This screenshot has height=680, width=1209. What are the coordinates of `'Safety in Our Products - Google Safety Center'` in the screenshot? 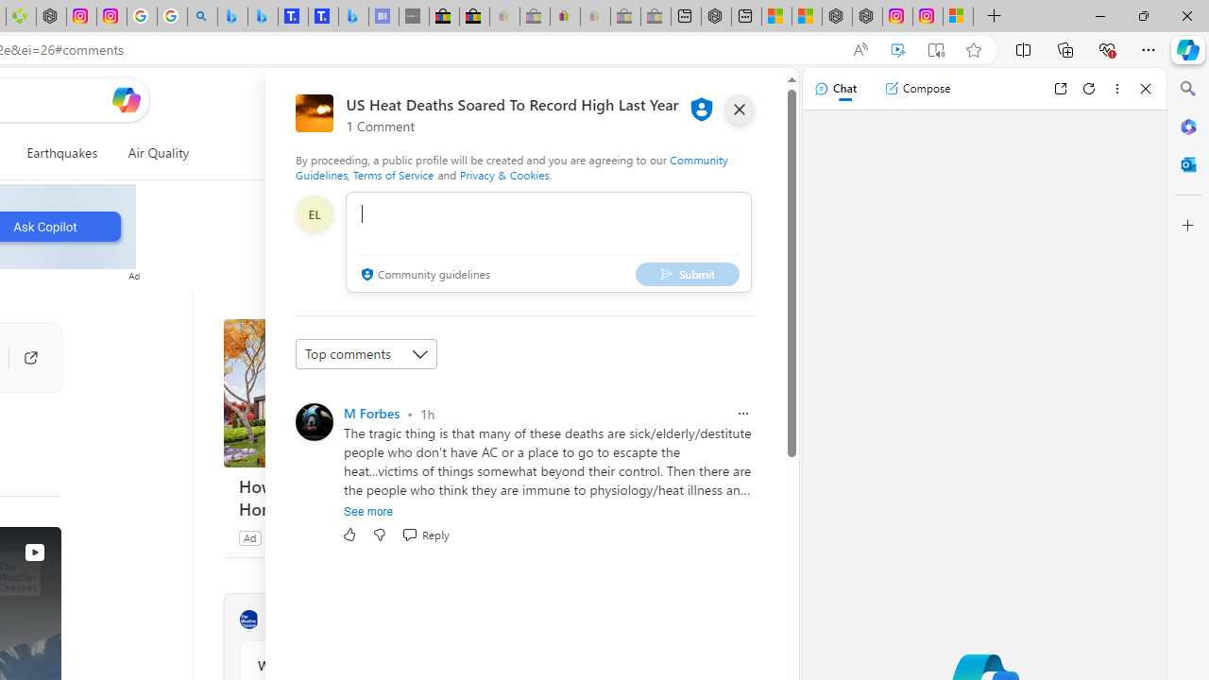 It's located at (141, 16).